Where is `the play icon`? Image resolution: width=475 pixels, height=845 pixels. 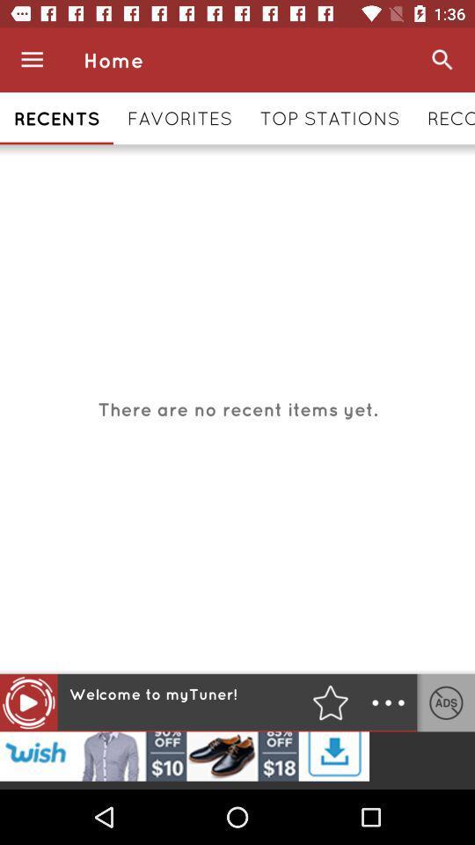
the play icon is located at coordinates (27, 702).